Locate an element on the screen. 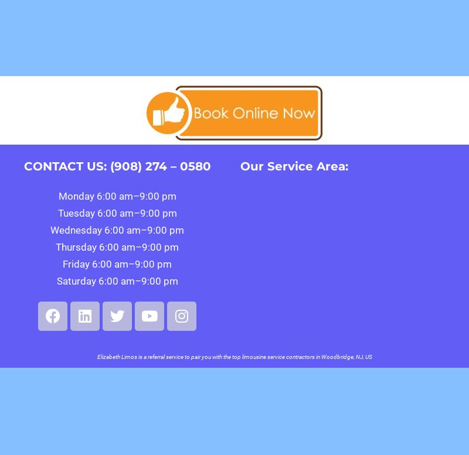  'Wednesday 6:00 am–9:00 pm' is located at coordinates (117, 230).